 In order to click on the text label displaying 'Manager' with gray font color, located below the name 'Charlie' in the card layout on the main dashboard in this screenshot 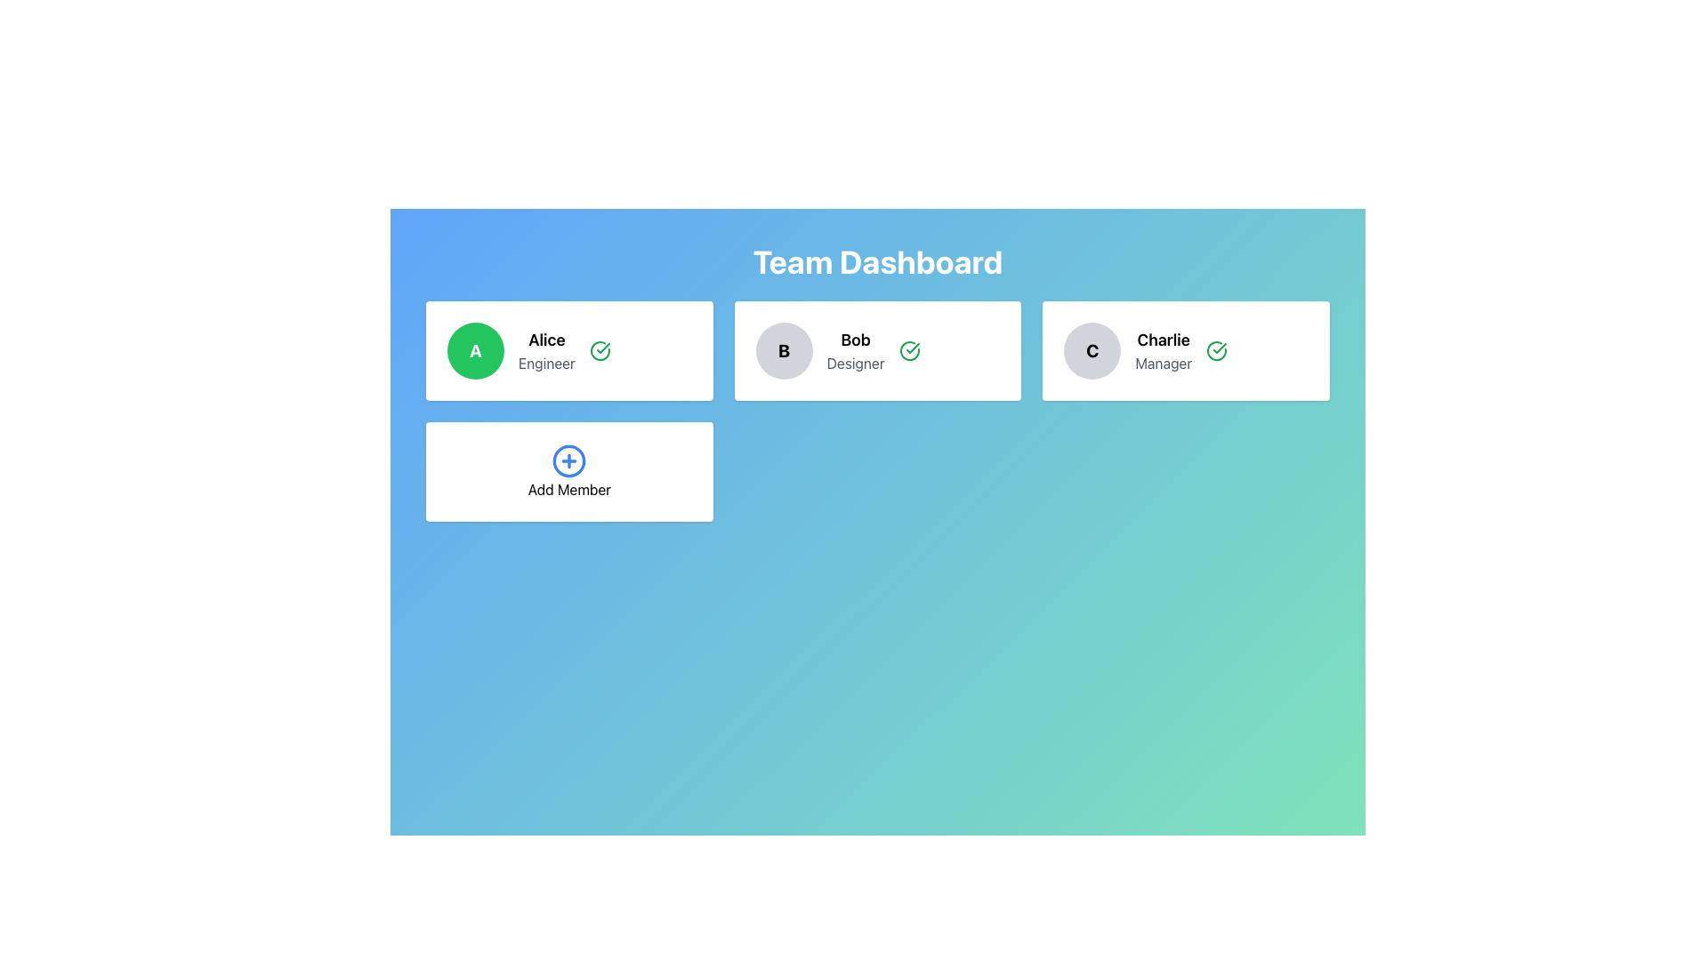, I will do `click(1164, 362)`.